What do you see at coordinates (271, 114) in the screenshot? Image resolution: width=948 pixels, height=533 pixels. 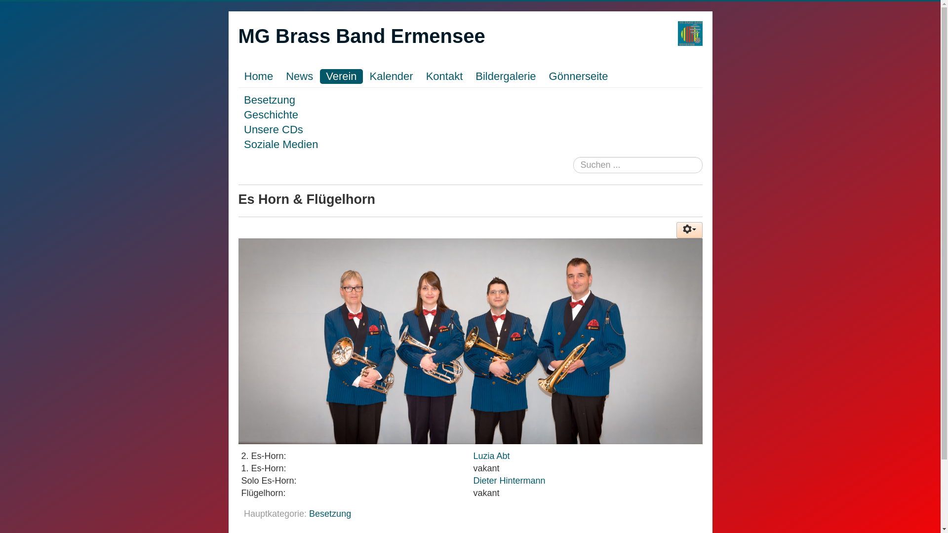 I see `'Geschichte'` at bounding box center [271, 114].